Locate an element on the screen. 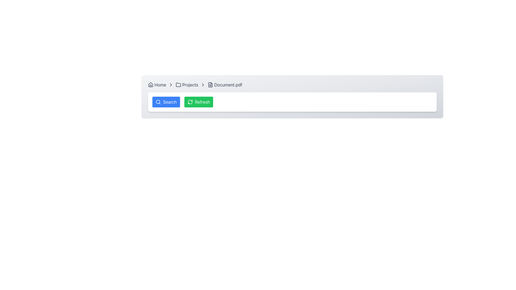 The height and width of the screenshot is (290, 516). on the 'Home' textual navigation element in the breadcrumb navigation bar is located at coordinates (160, 85).